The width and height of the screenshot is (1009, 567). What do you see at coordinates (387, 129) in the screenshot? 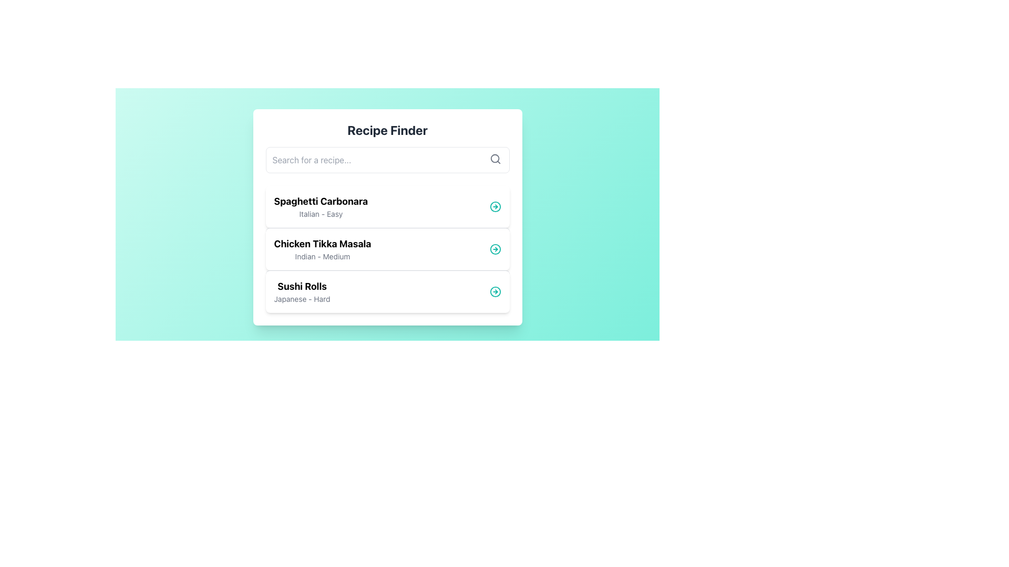
I see `the 'Recipe Finder' text label, which is a bold heading centered at the top of a card with a white background` at bounding box center [387, 129].